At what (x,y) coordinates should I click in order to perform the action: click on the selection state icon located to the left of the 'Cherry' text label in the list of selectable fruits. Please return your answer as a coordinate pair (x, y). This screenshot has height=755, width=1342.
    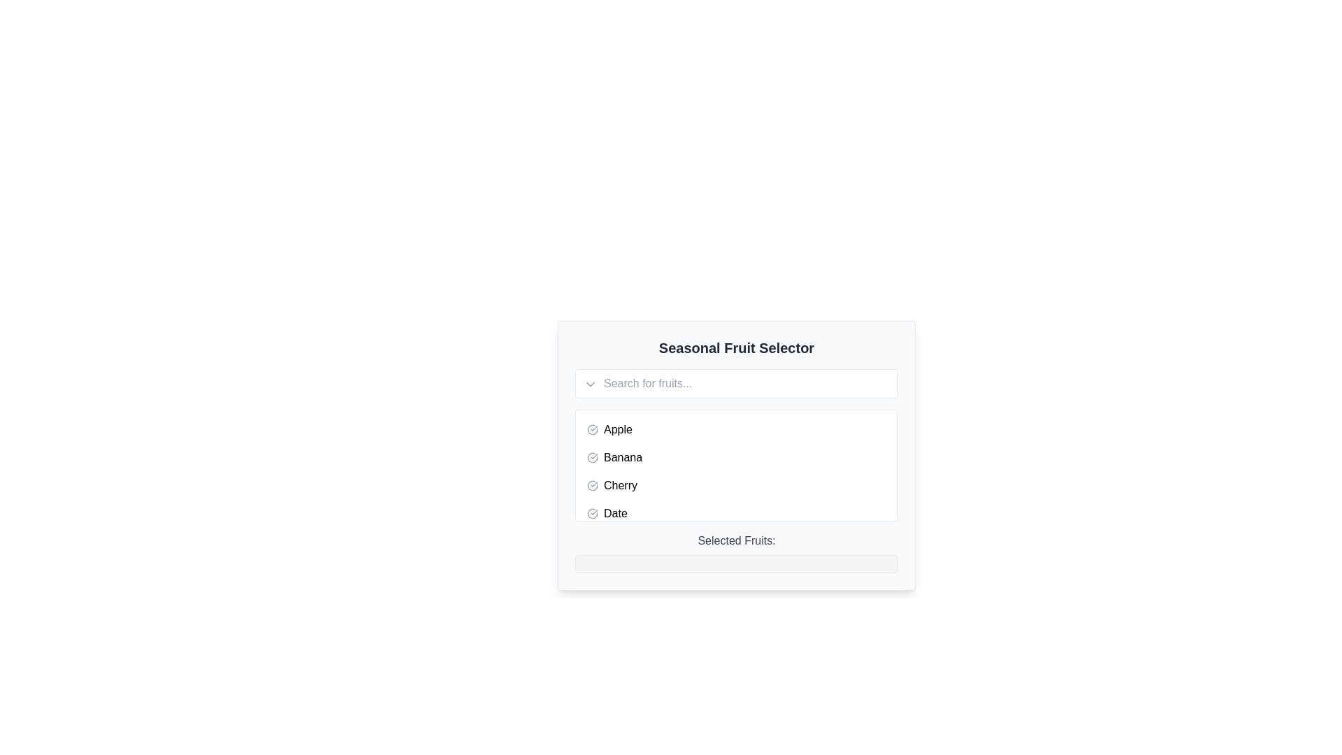
    Looking at the image, I should click on (593, 484).